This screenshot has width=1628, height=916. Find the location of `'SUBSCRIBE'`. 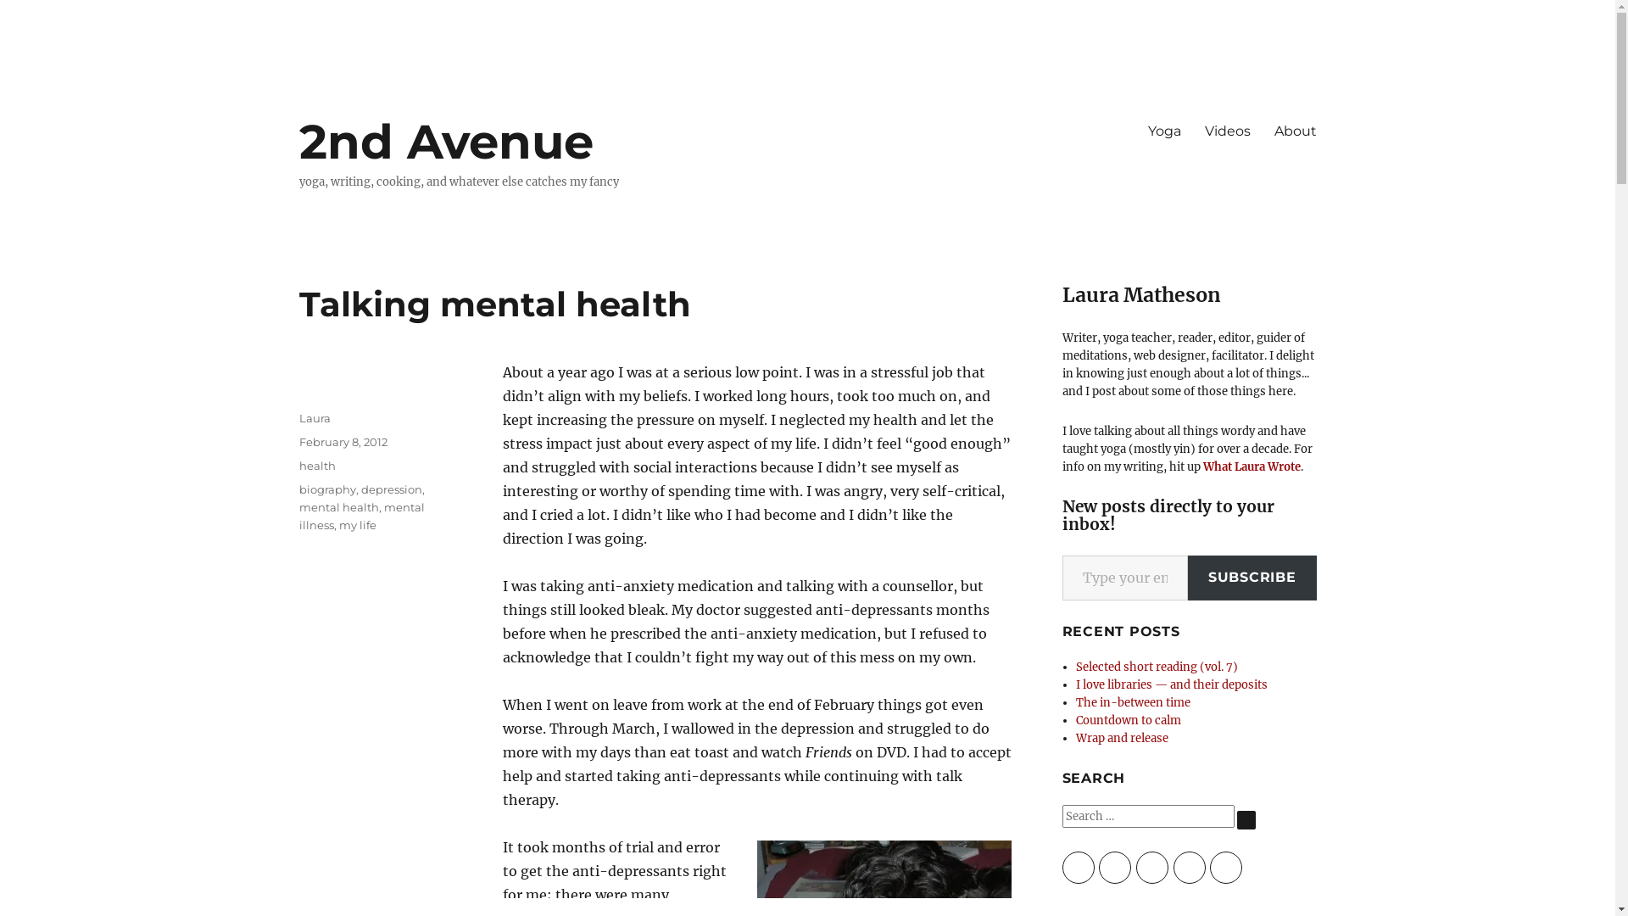

'SUBSCRIBE' is located at coordinates (1252, 577).